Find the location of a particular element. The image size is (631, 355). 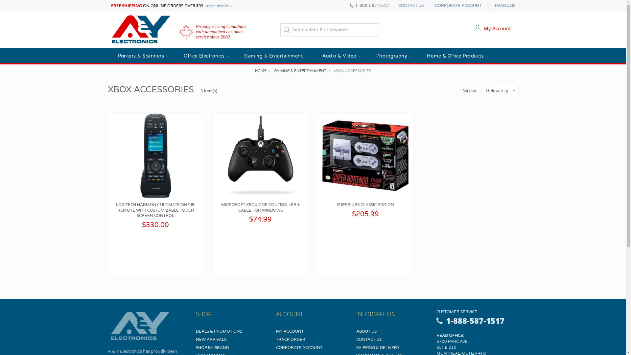

'GAMING & ENTERTAINMENT' is located at coordinates (274, 71).